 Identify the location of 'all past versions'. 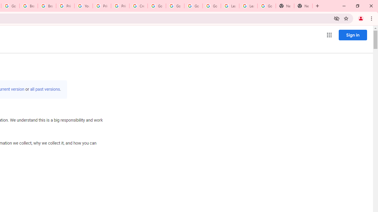
(45, 89).